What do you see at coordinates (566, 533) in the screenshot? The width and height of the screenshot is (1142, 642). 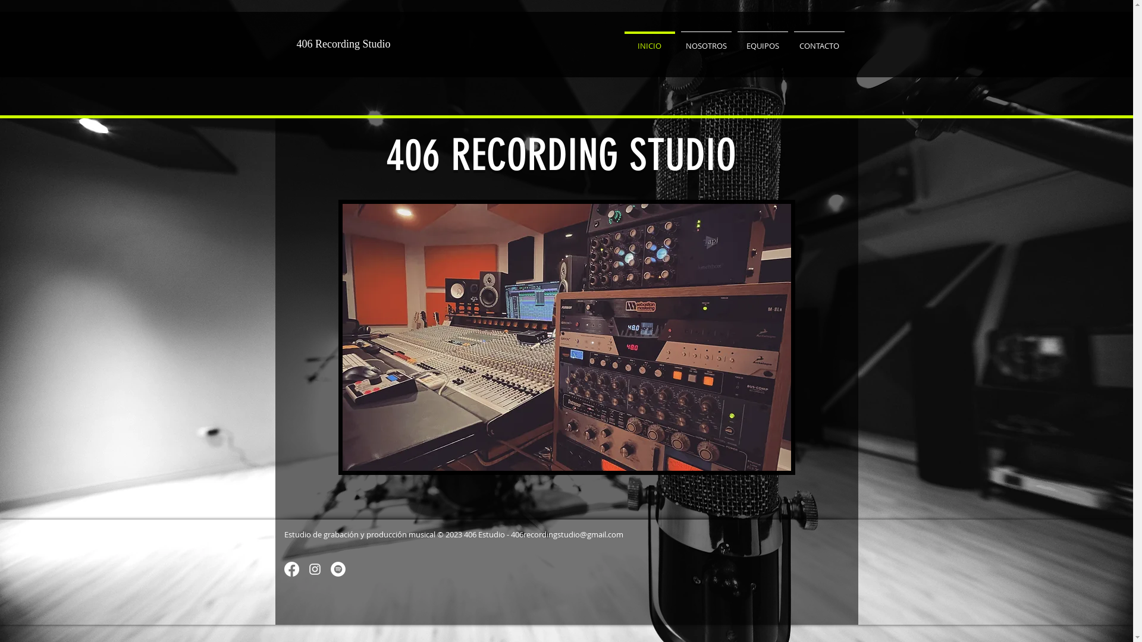 I see `'406recordingstudio@gmail.com'` at bounding box center [566, 533].